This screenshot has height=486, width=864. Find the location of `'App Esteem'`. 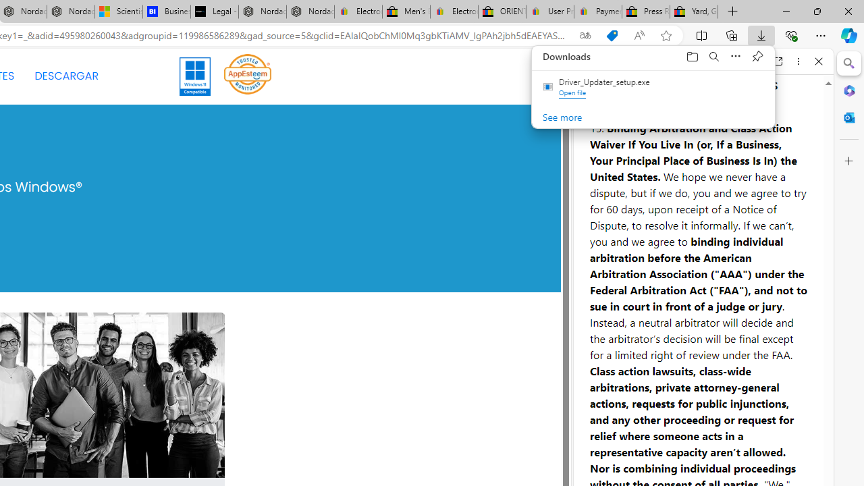

'App Esteem' is located at coordinates (248, 74).